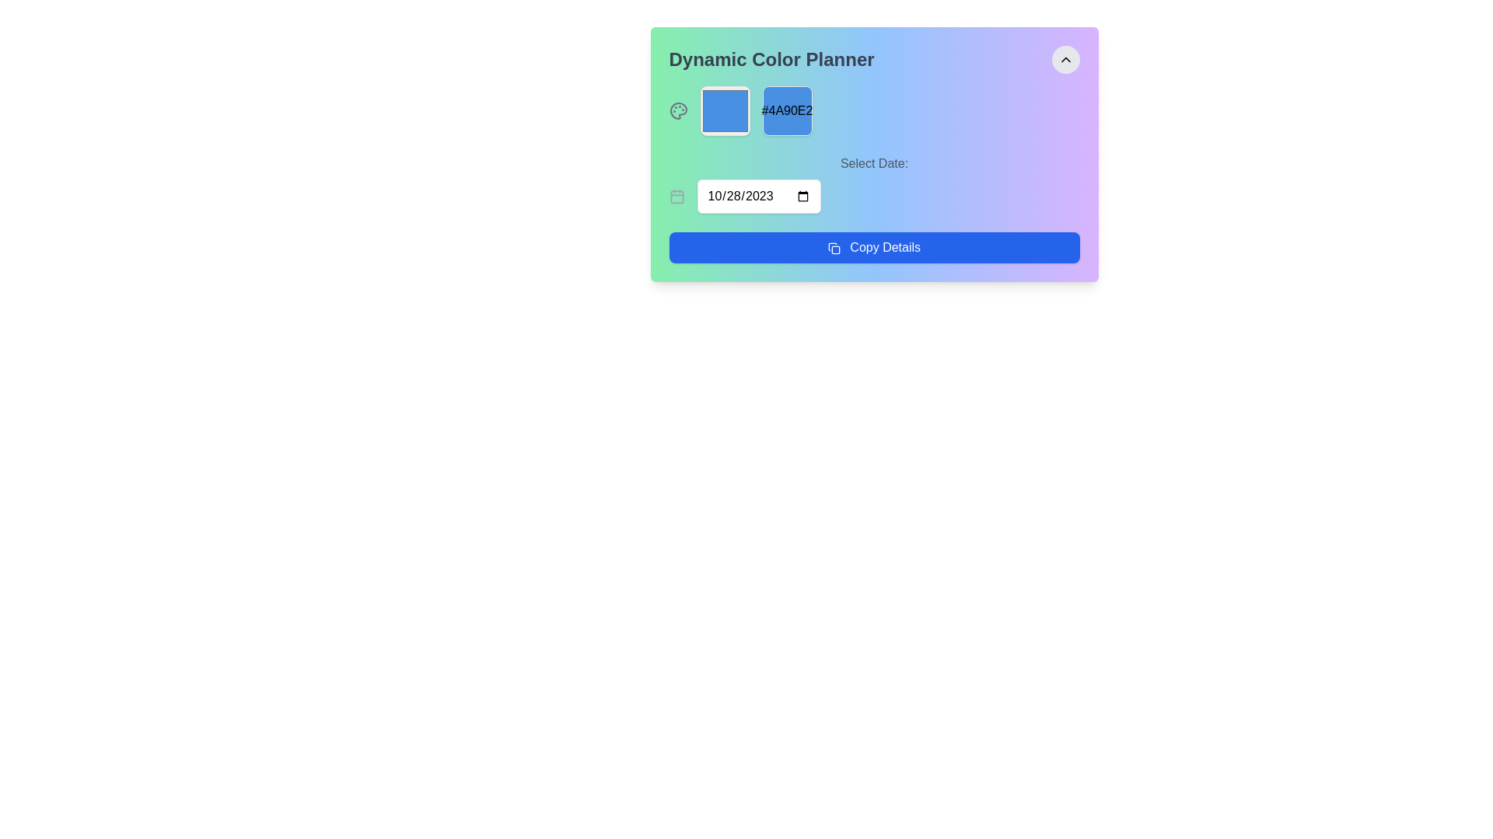 This screenshot has width=1493, height=839. What do you see at coordinates (771, 59) in the screenshot?
I see `the text label that serves as a title or heading for the related card component, located in the upper-left area of the card` at bounding box center [771, 59].